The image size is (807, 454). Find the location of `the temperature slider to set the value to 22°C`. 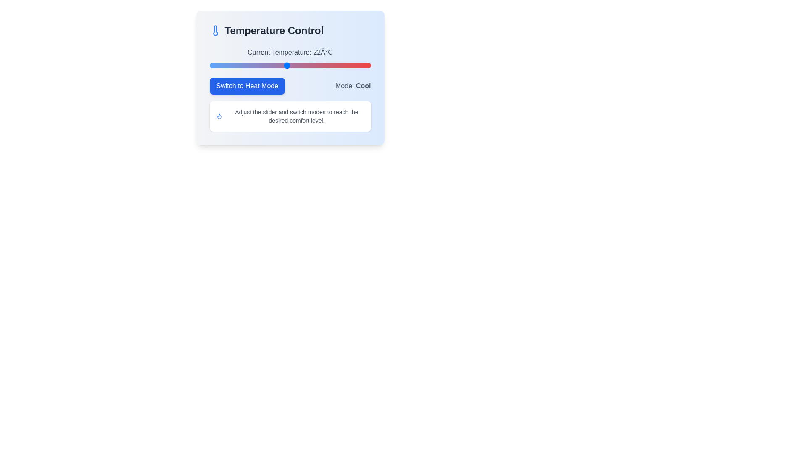

the temperature slider to set the value to 22°C is located at coordinates (287, 65).